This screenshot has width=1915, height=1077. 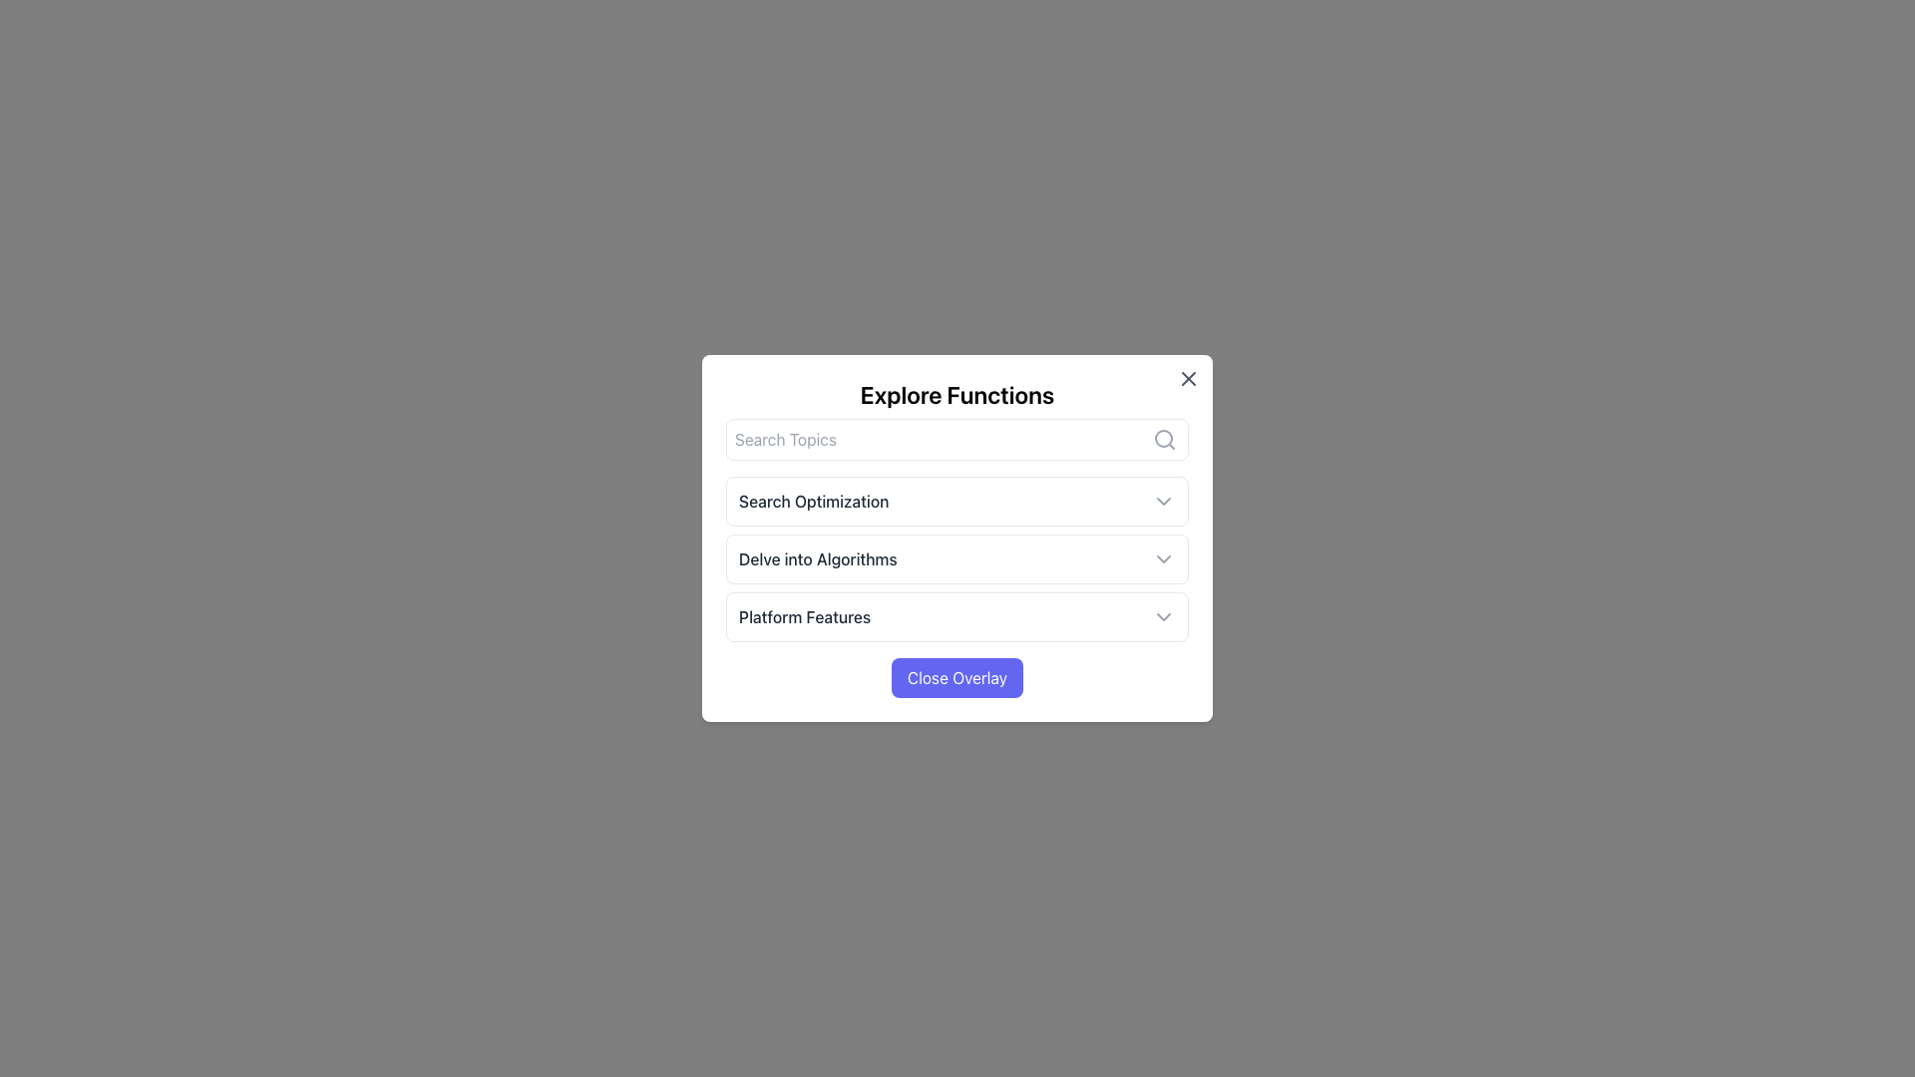 I want to click on the text label for 'Platform Features', which is the third expandable row in the modal window titled 'Explore Functions', so click(x=805, y=615).